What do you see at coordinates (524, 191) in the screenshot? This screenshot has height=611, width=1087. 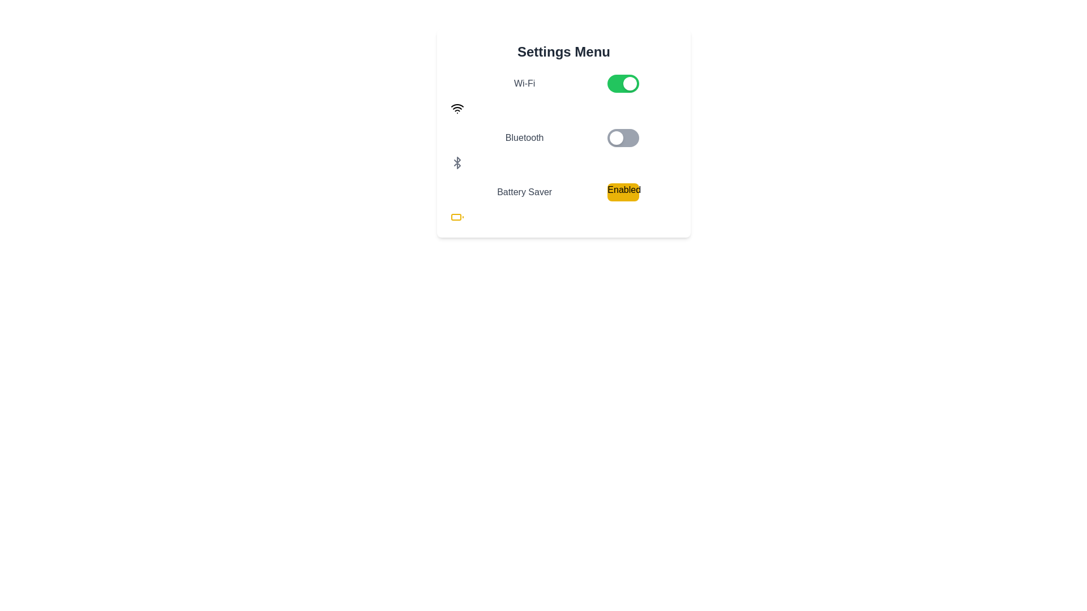 I see `the 'Battery Saver' label, which is a textual label in a darker gray color, located in the third row of the settings options below the Bluetooth toggle` at bounding box center [524, 191].